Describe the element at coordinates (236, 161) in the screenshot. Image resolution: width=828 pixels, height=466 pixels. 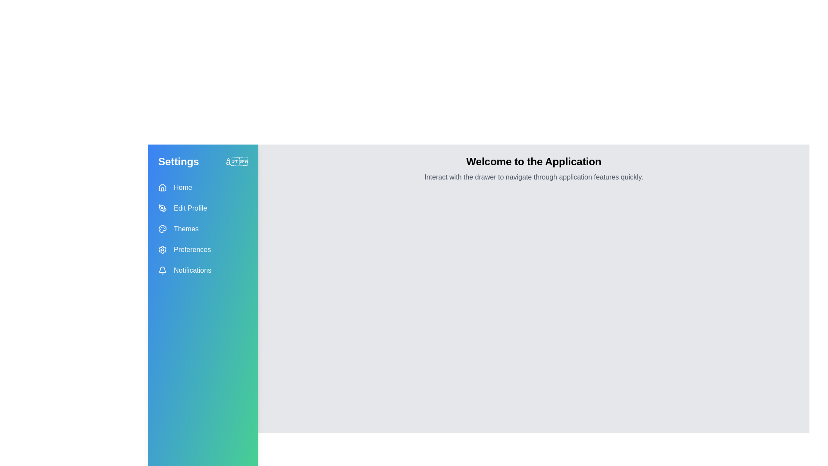
I see `the toggle button to change the drawer's visibility state` at that location.